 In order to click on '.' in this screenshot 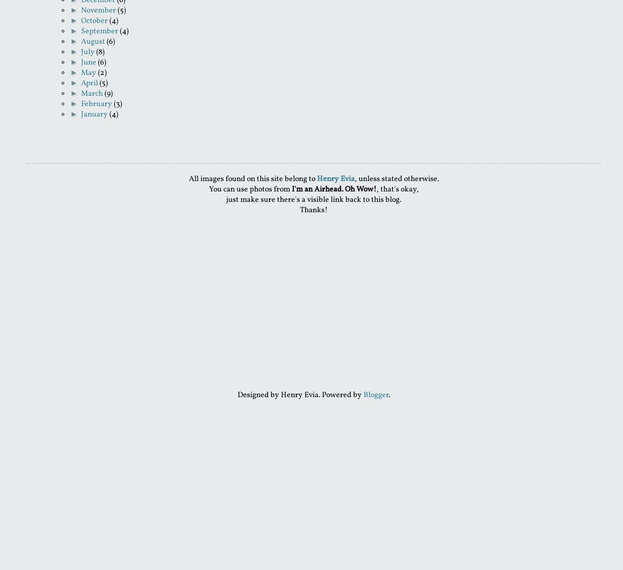, I will do `click(389, 394)`.